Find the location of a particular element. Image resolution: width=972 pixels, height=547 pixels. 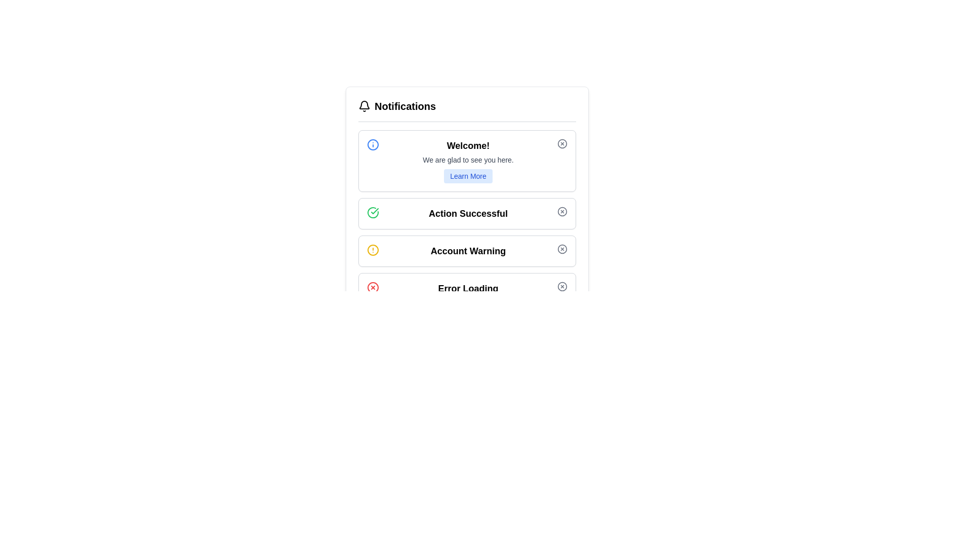

the bell icon, which is a small black line art design located to the left of the 'Notifications' text in the header section is located at coordinates (364, 106).